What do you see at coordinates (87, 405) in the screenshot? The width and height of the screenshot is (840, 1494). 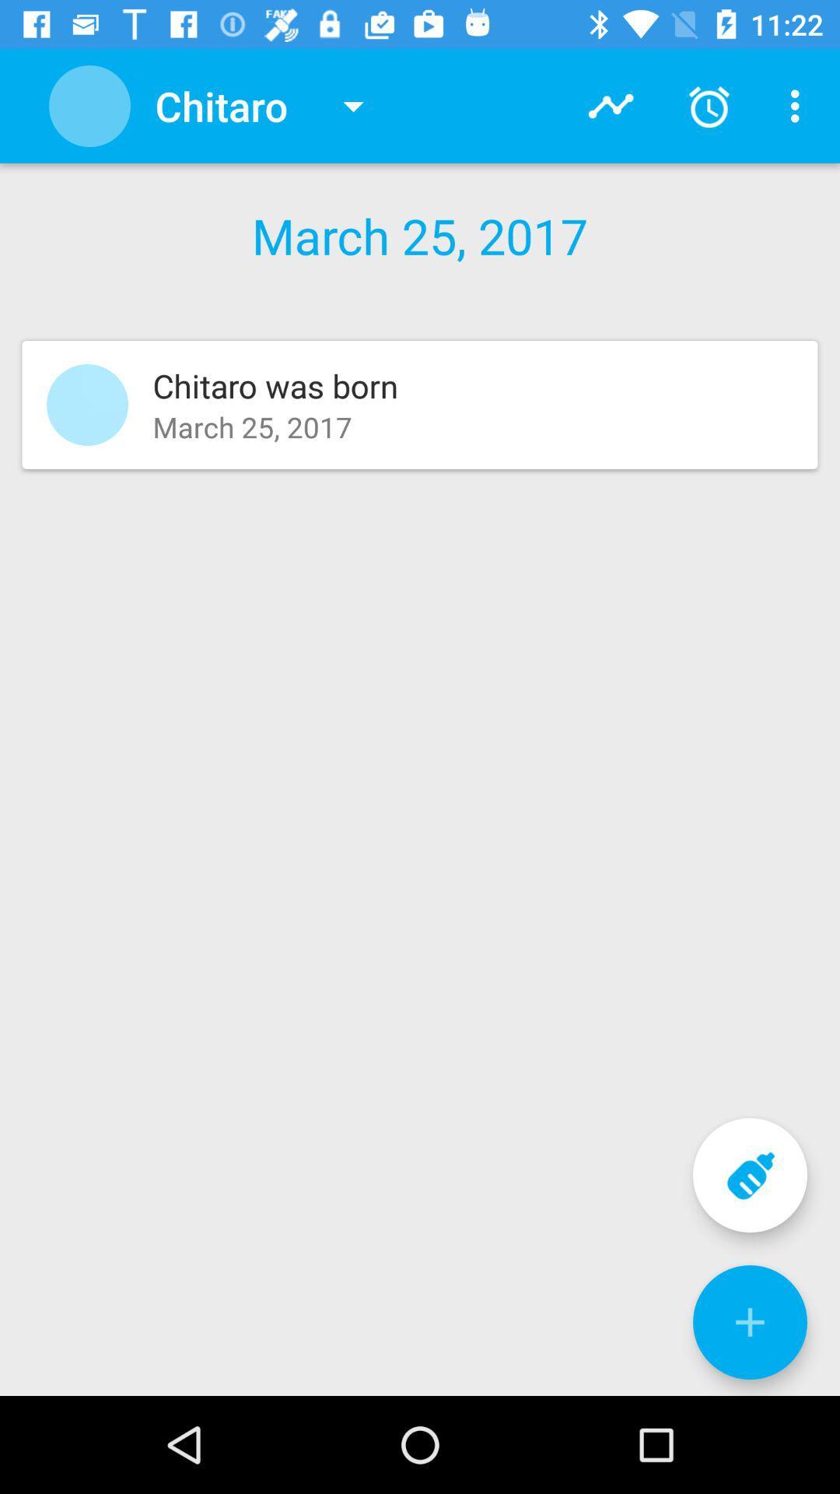 I see `left of chitaro was born` at bounding box center [87, 405].